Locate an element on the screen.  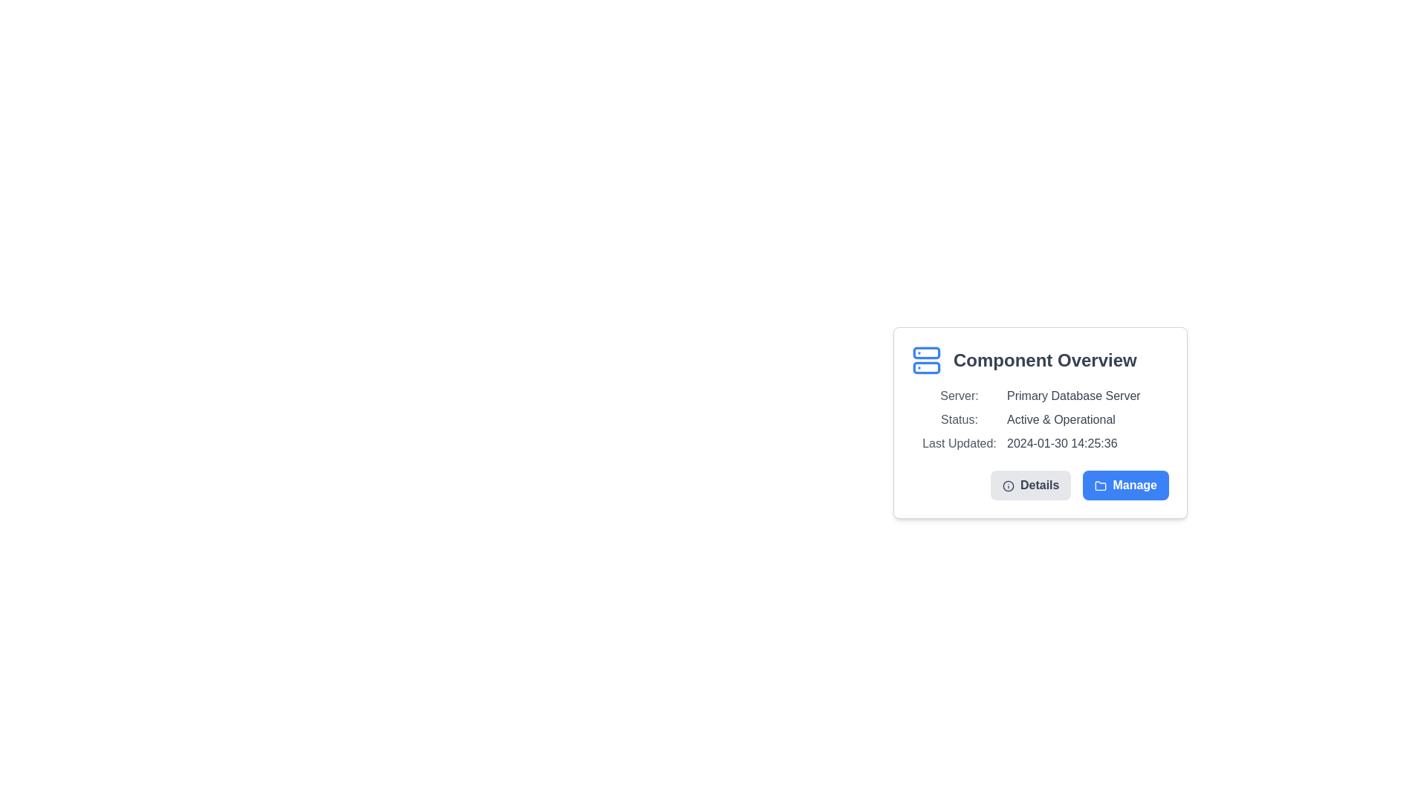
the 'Details' button, which is a rounded rectangle with a gray background and white text, located in the bottom-right corner of the 'Component Overview' card is located at coordinates (1030, 485).